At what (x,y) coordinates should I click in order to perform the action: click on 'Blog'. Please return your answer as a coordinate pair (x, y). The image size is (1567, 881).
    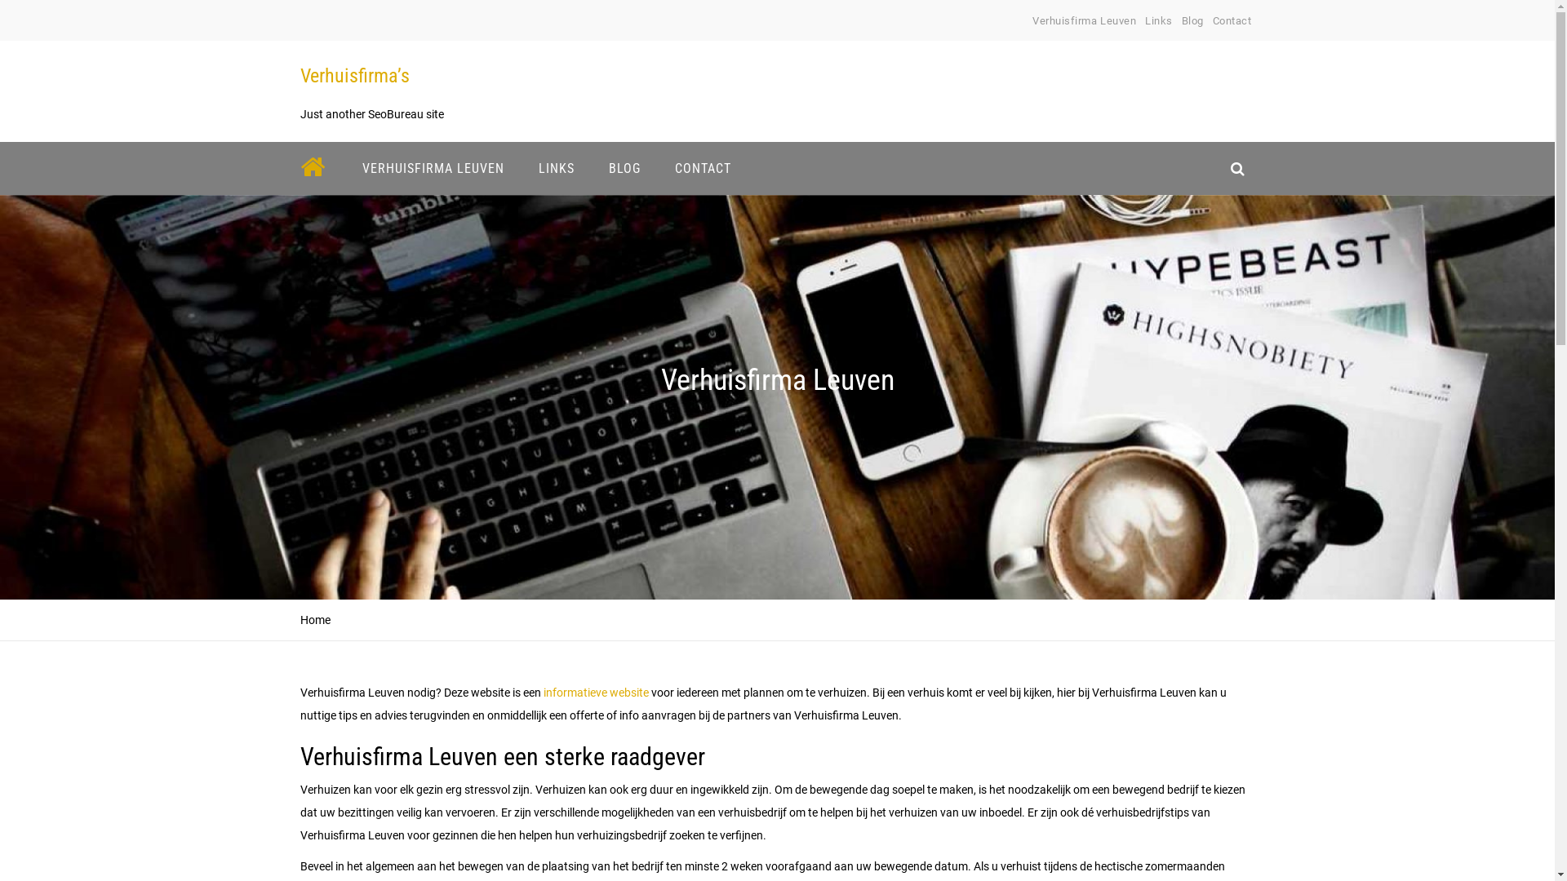
    Looking at the image, I should click on (1182, 20).